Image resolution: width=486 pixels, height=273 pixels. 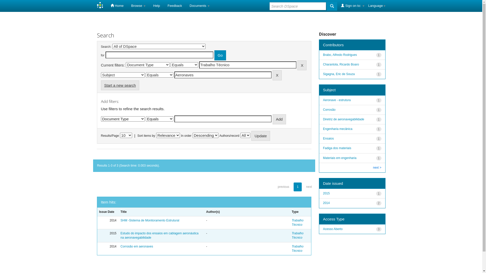 I want to click on 'Brabo, Alfredo Rodrigues', so click(x=340, y=55).